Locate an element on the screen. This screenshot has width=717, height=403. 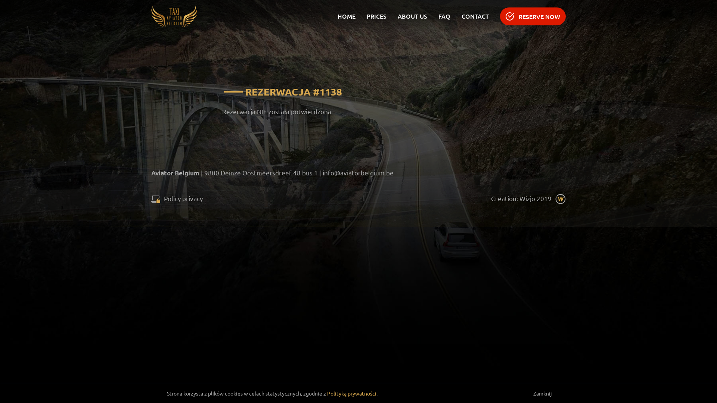
'FAQ' is located at coordinates (438, 16).